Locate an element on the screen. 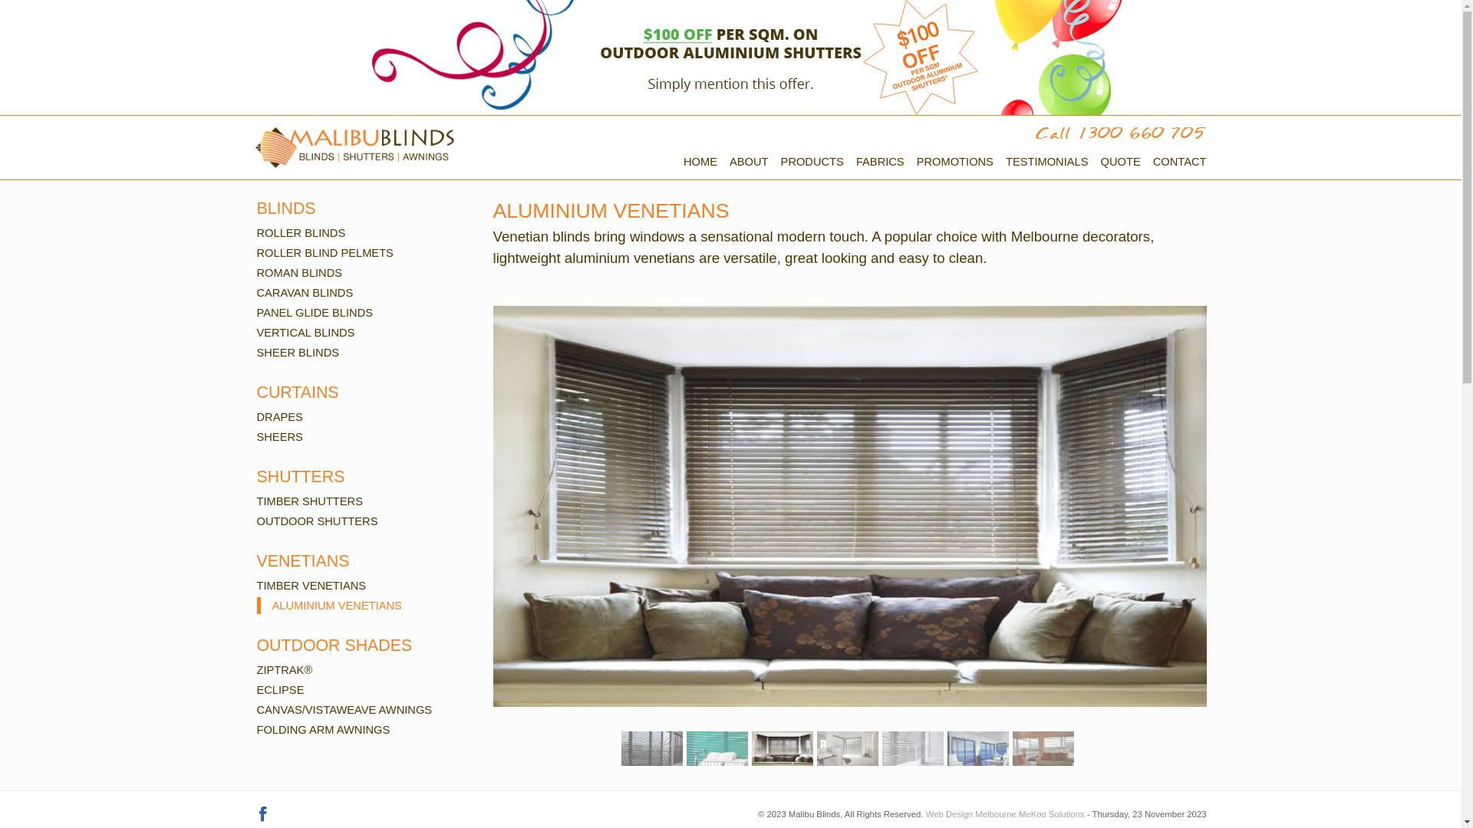 The height and width of the screenshot is (828, 1473). 'TESTIMONIALS' is located at coordinates (1046, 162).